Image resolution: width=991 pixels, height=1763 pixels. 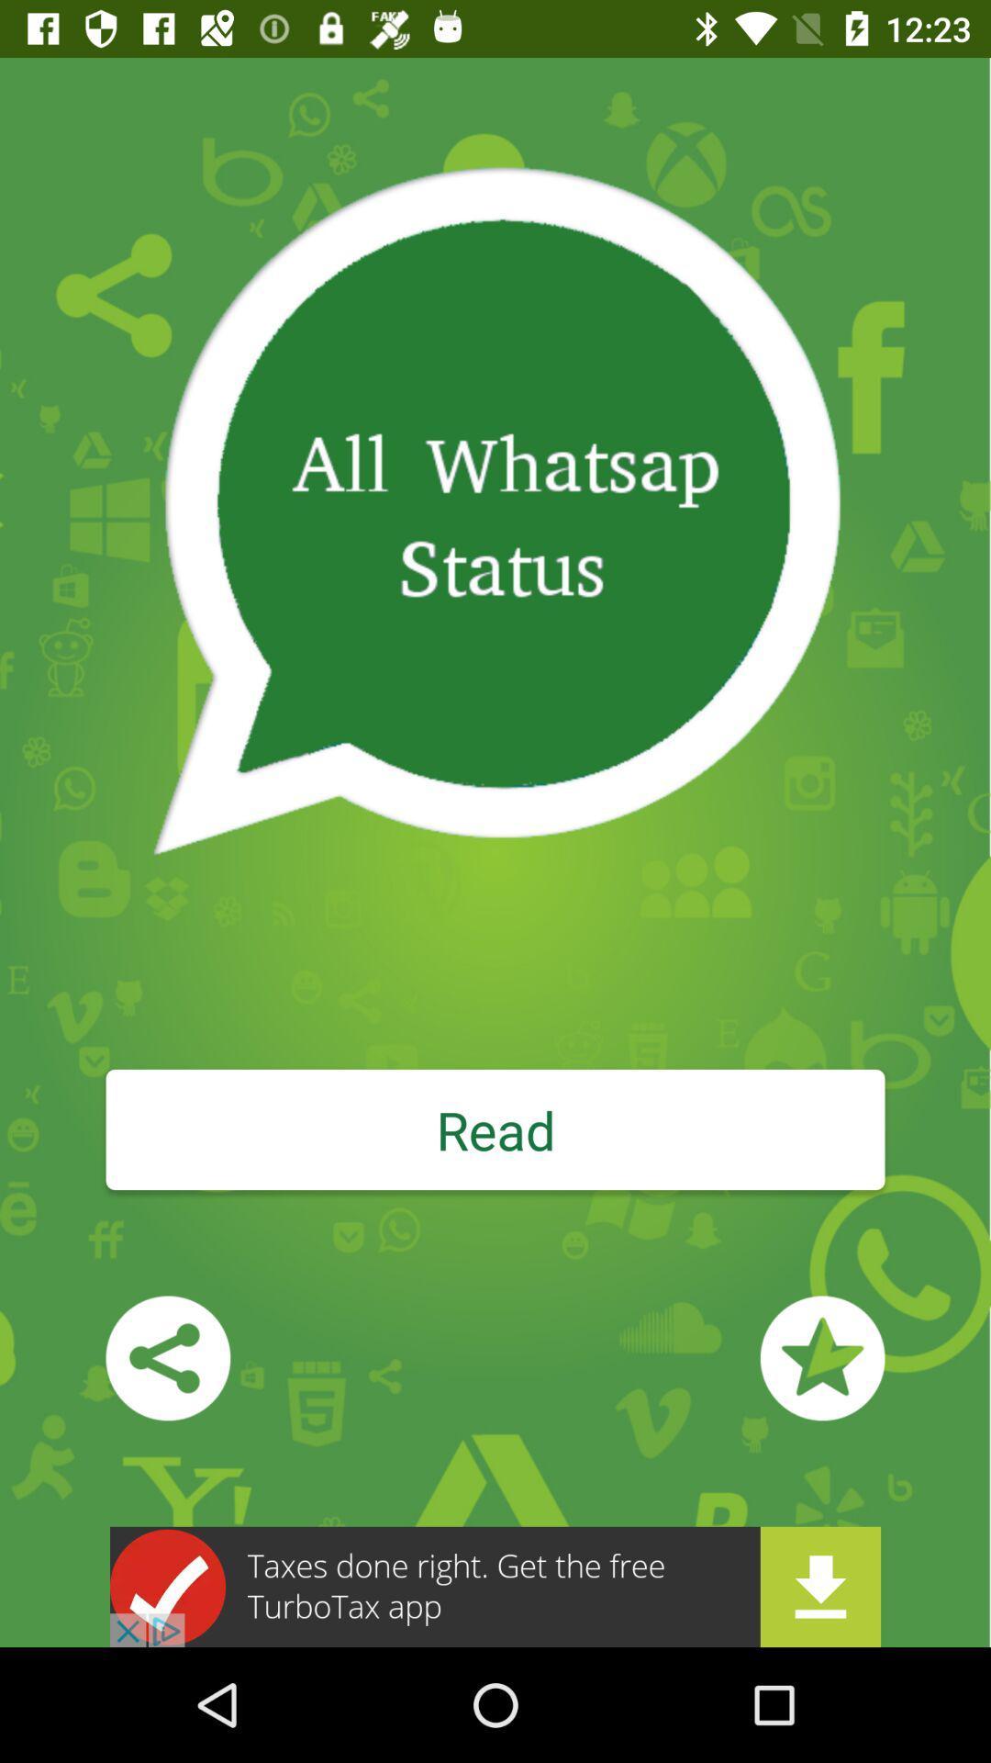 I want to click on share, so click(x=168, y=1358).